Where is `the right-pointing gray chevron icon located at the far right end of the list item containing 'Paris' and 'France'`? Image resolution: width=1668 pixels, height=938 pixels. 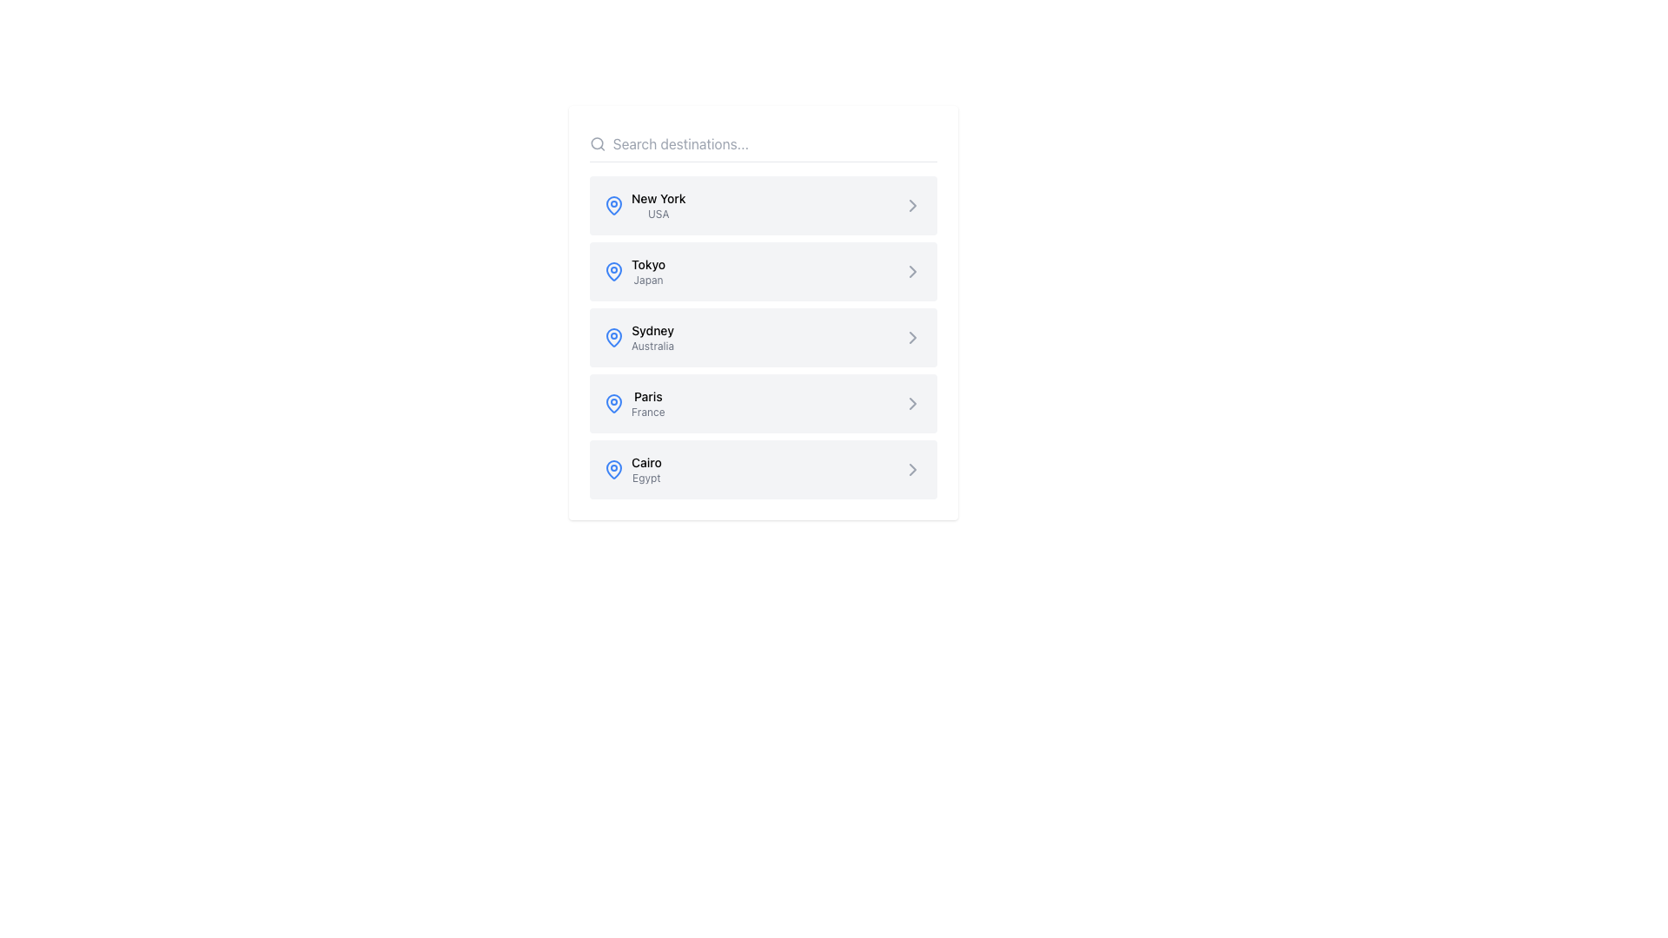 the right-pointing gray chevron icon located at the far right end of the list item containing 'Paris' and 'France' is located at coordinates (912, 404).